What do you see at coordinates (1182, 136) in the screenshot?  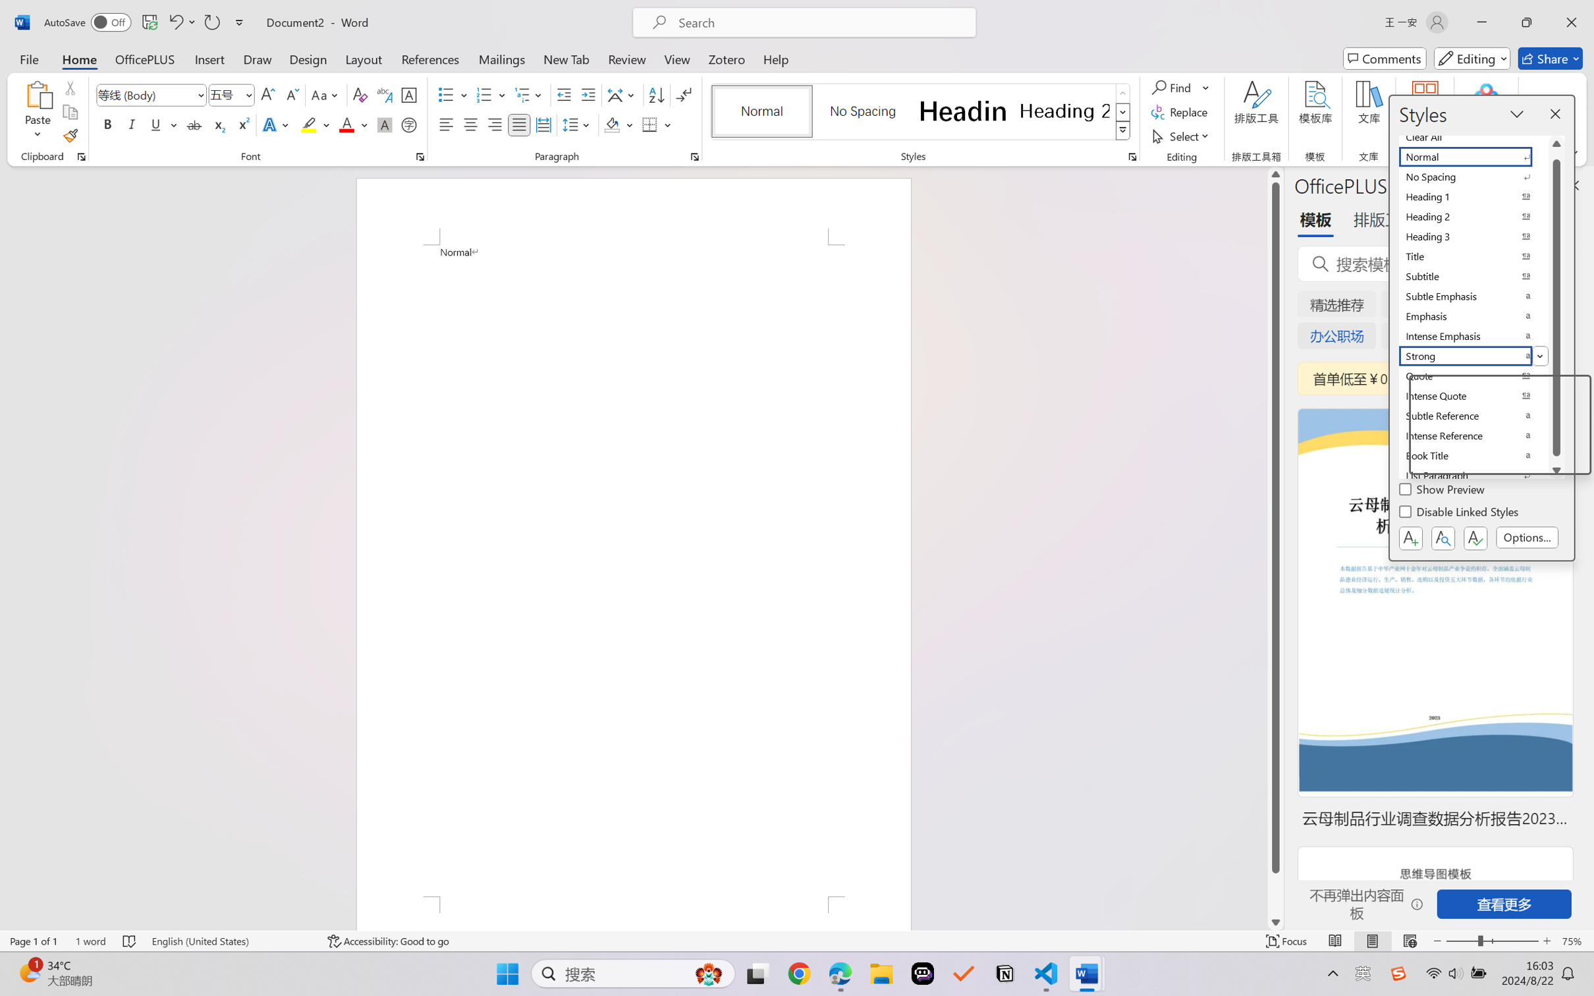 I see `'Select'` at bounding box center [1182, 136].